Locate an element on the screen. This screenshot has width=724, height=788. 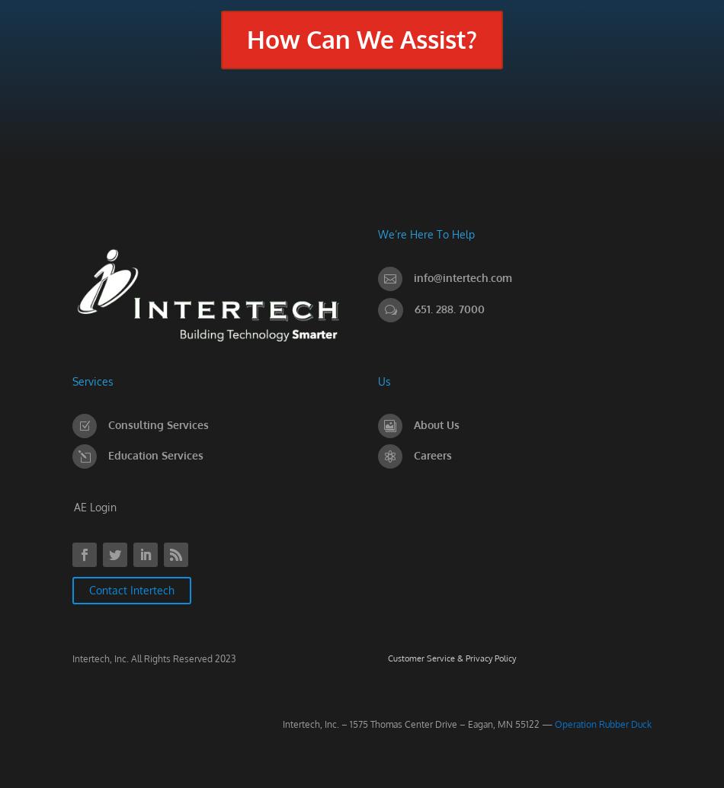
'AE Login' is located at coordinates (95, 507).